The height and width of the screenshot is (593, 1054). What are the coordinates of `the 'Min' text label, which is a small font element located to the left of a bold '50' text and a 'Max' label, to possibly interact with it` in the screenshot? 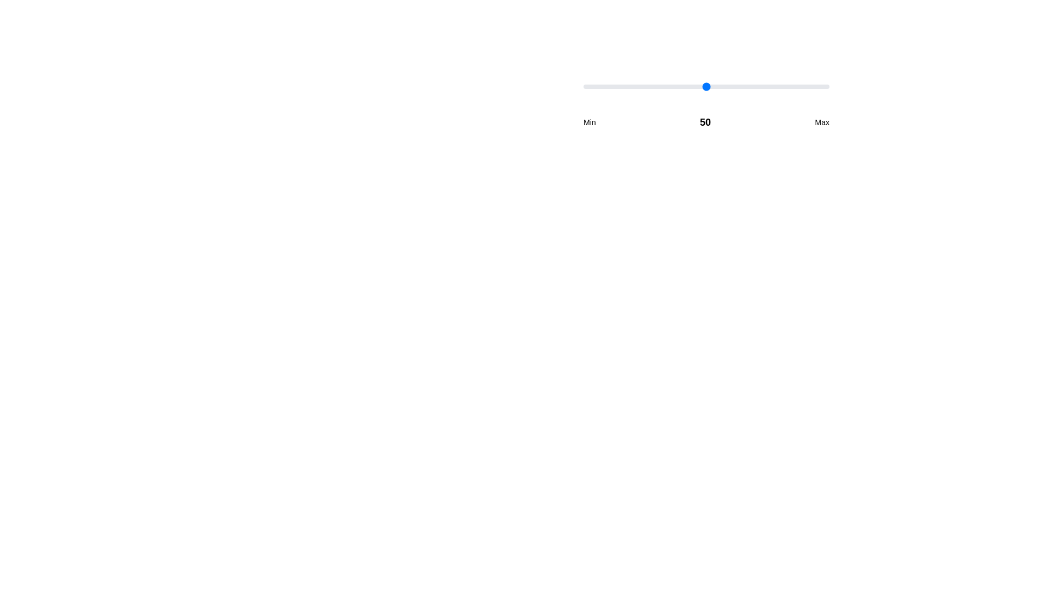 It's located at (589, 122).